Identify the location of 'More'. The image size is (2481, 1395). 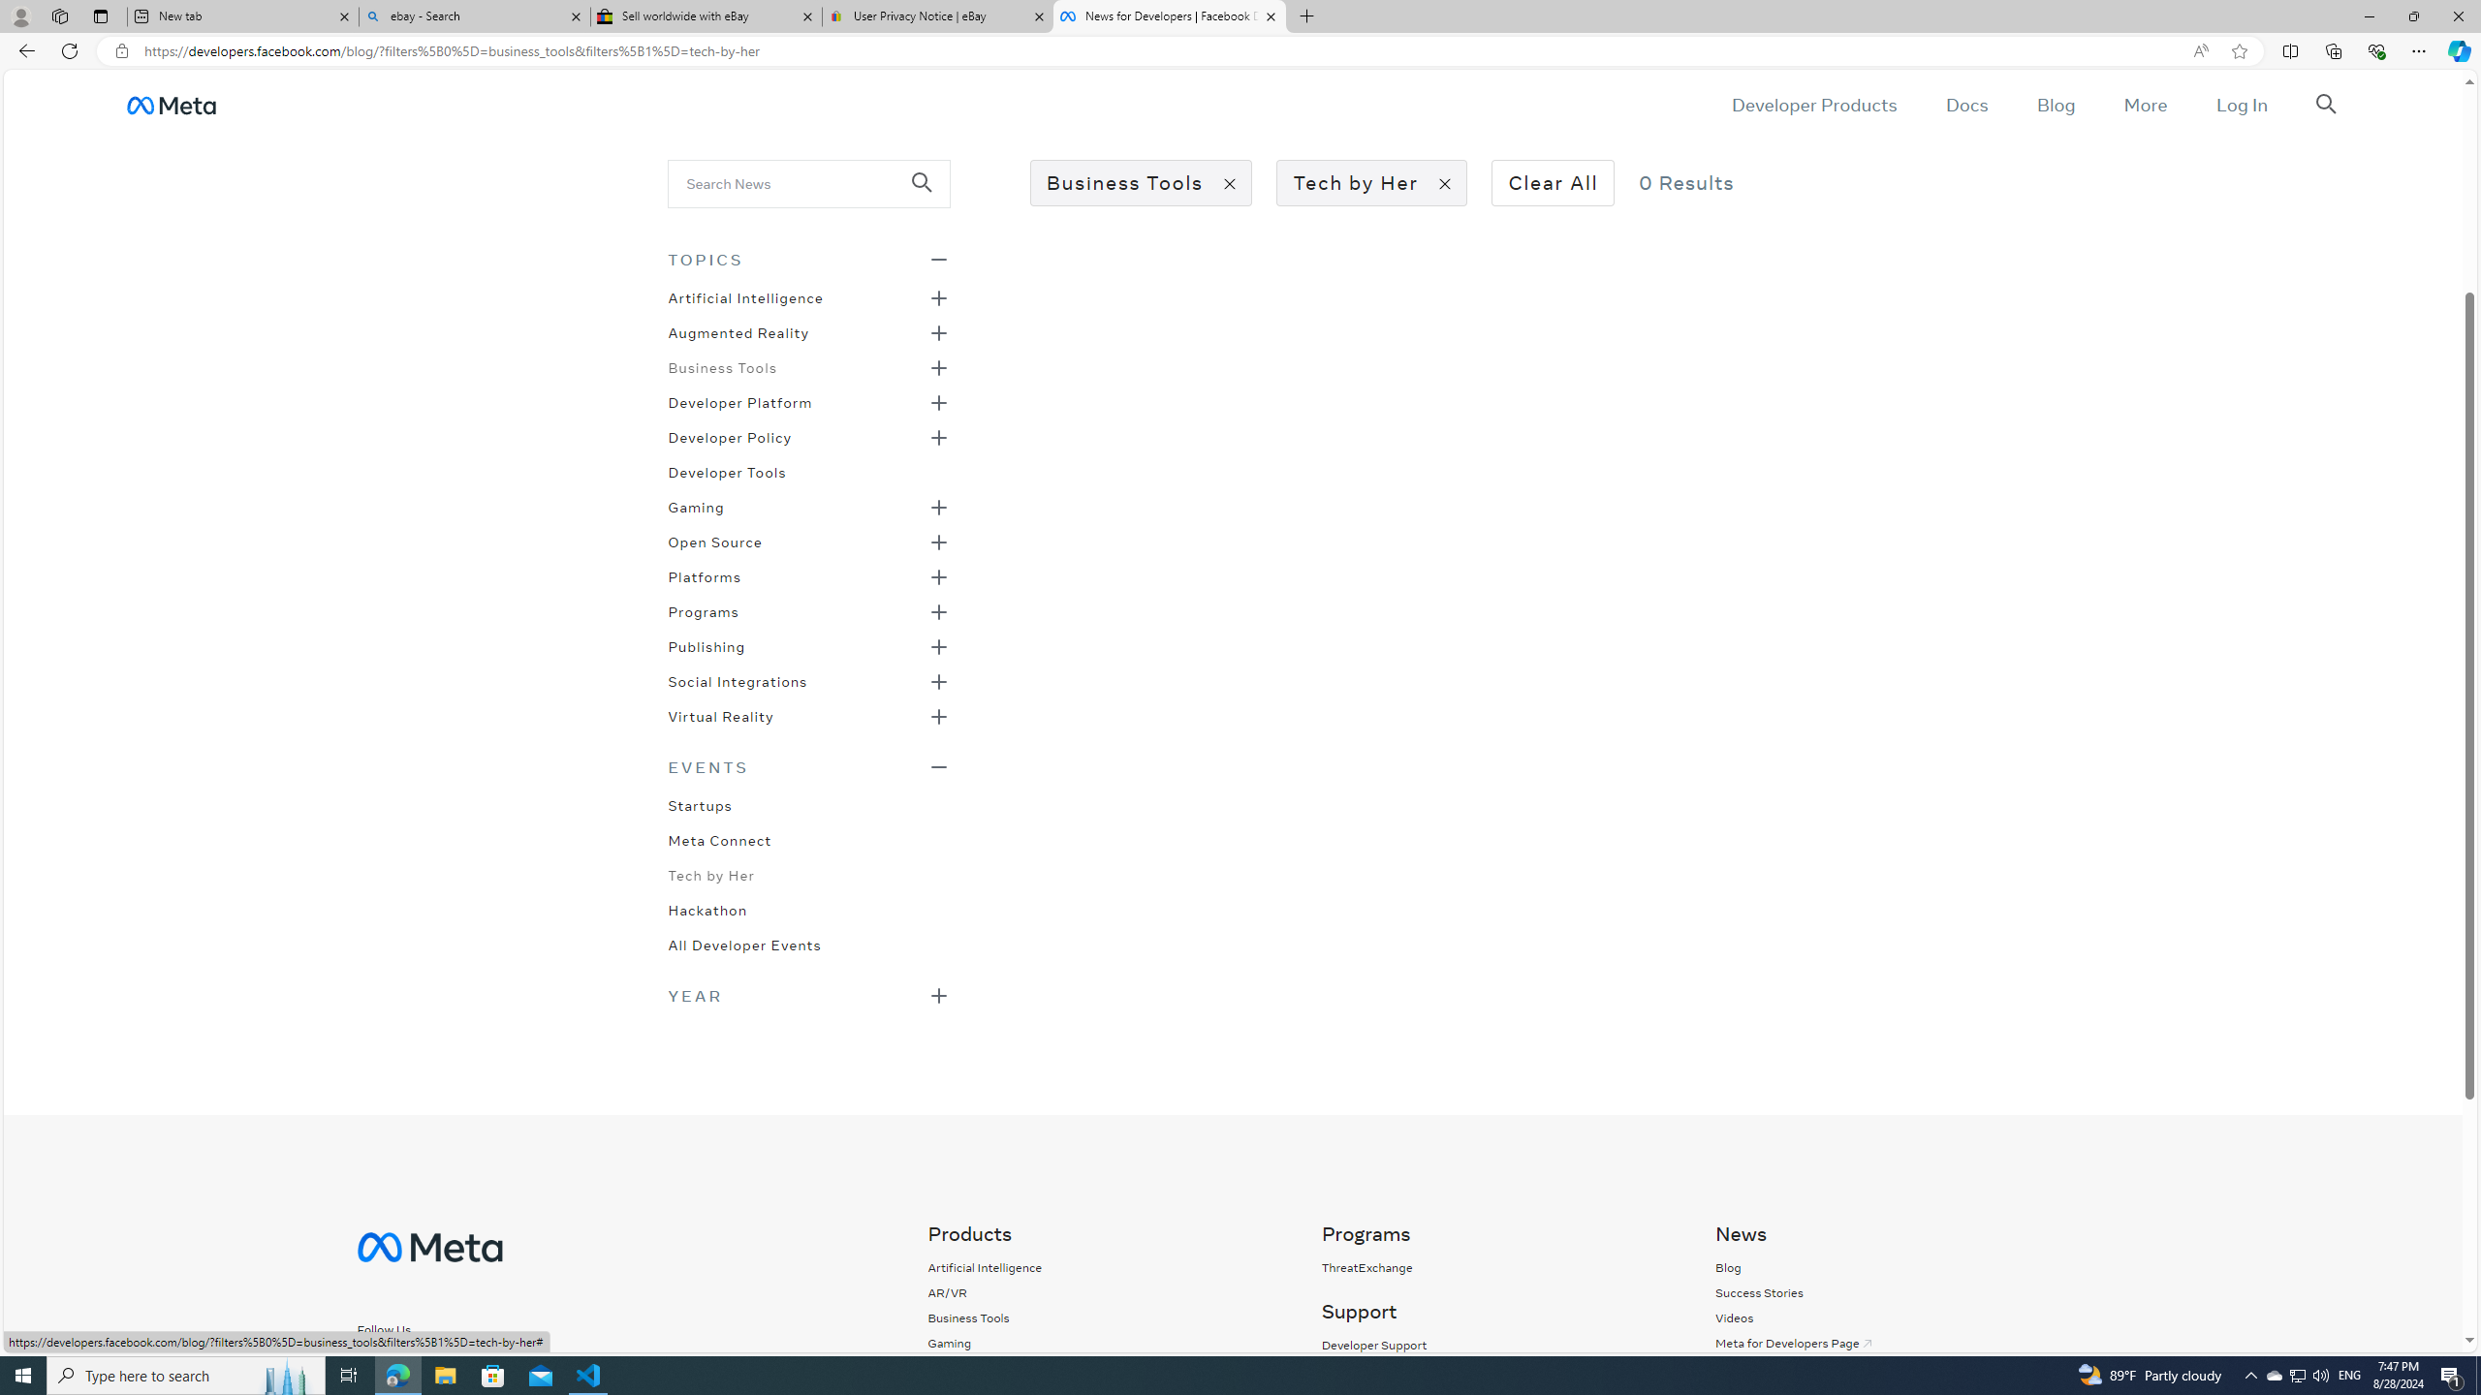
(2145, 104).